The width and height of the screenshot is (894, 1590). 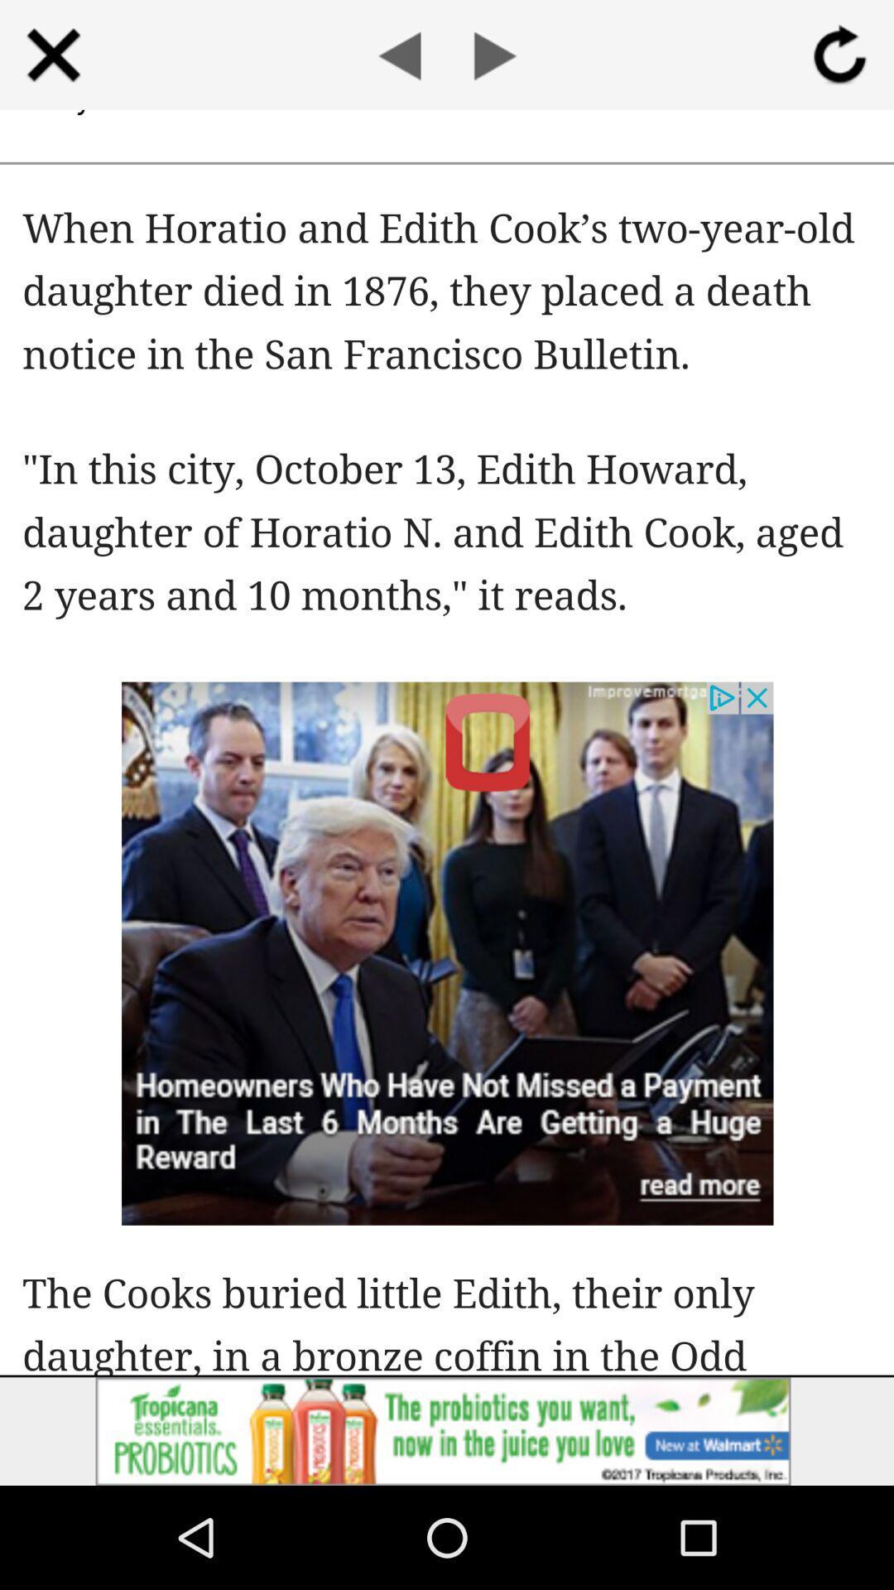 I want to click on page, so click(x=52, y=55).